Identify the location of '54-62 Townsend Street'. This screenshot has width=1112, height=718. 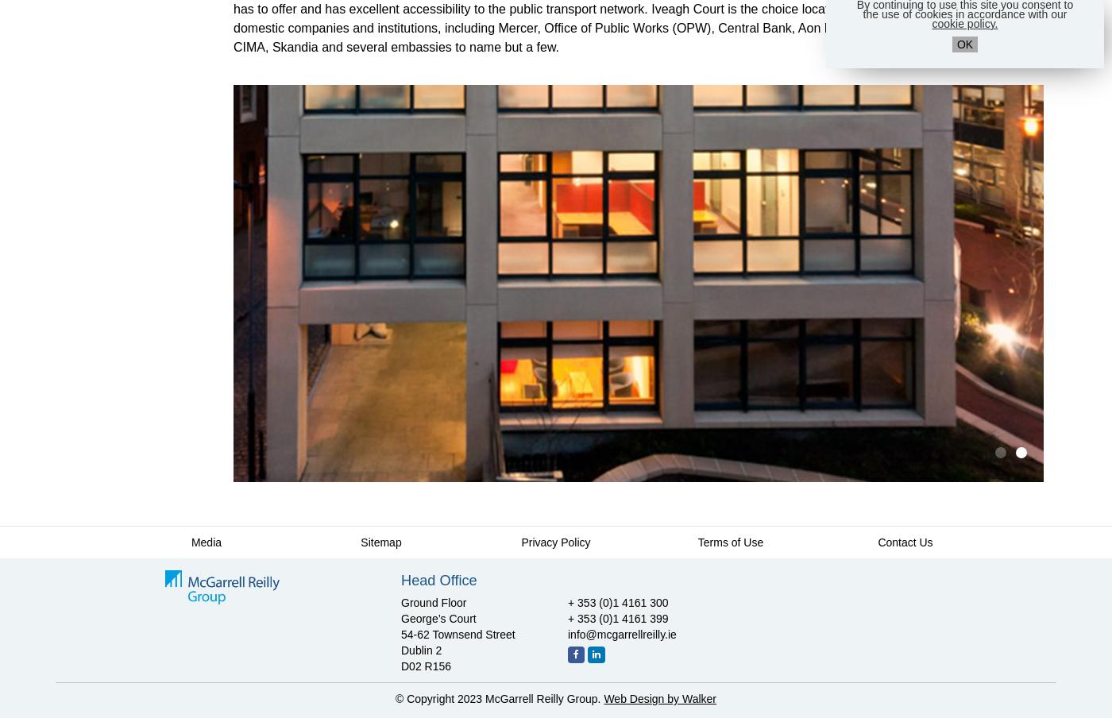
(458, 633).